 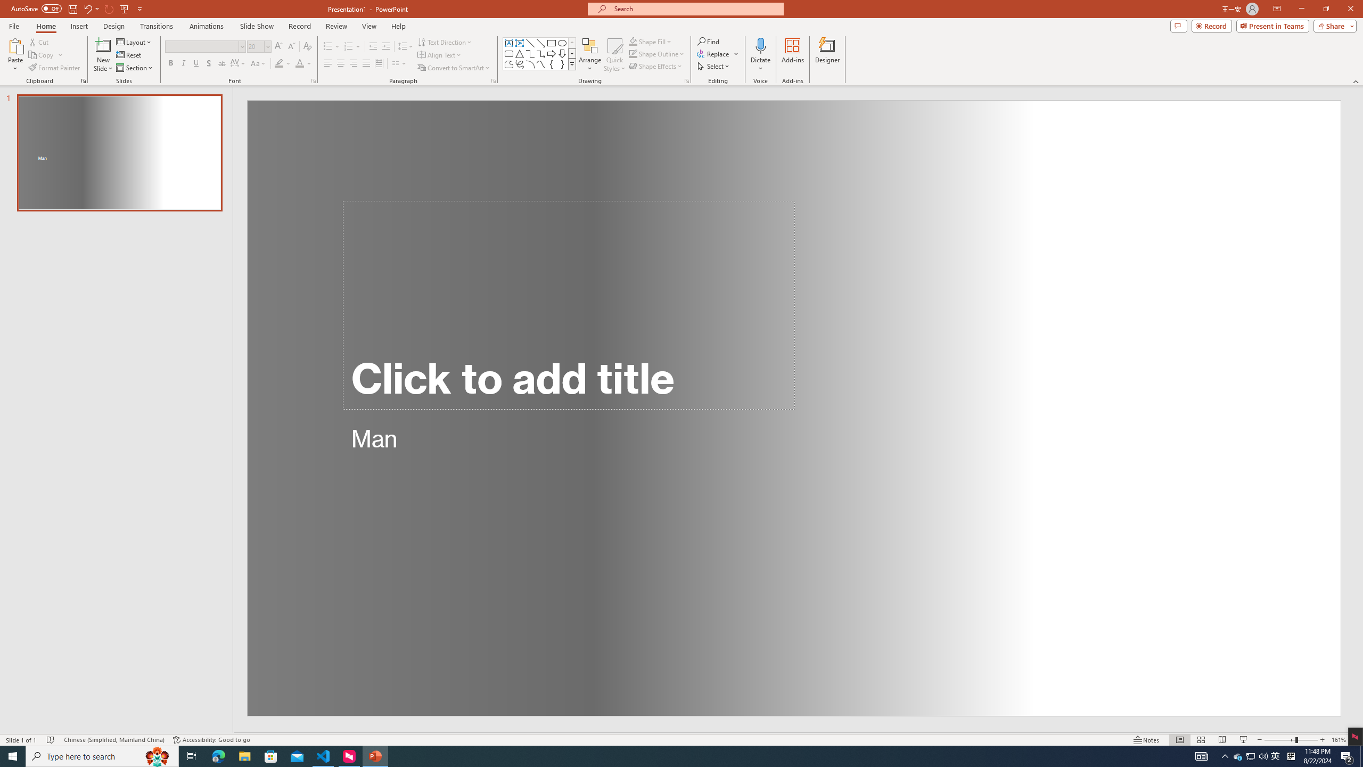 What do you see at coordinates (1200, 740) in the screenshot?
I see `'Slide Sorter'` at bounding box center [1200, 740].